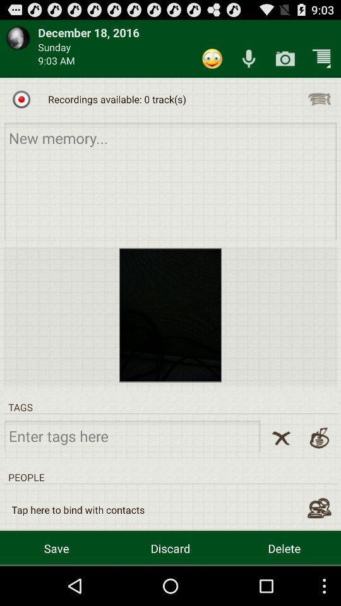 The image size is (341, 606). What do you see at coordinates (78, 509) in the screenshot?
I see `the item above save icon` at bounding box center [78, 509].